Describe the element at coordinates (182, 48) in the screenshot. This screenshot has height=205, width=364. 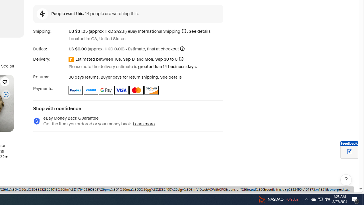
I see `'More information'` at that location.